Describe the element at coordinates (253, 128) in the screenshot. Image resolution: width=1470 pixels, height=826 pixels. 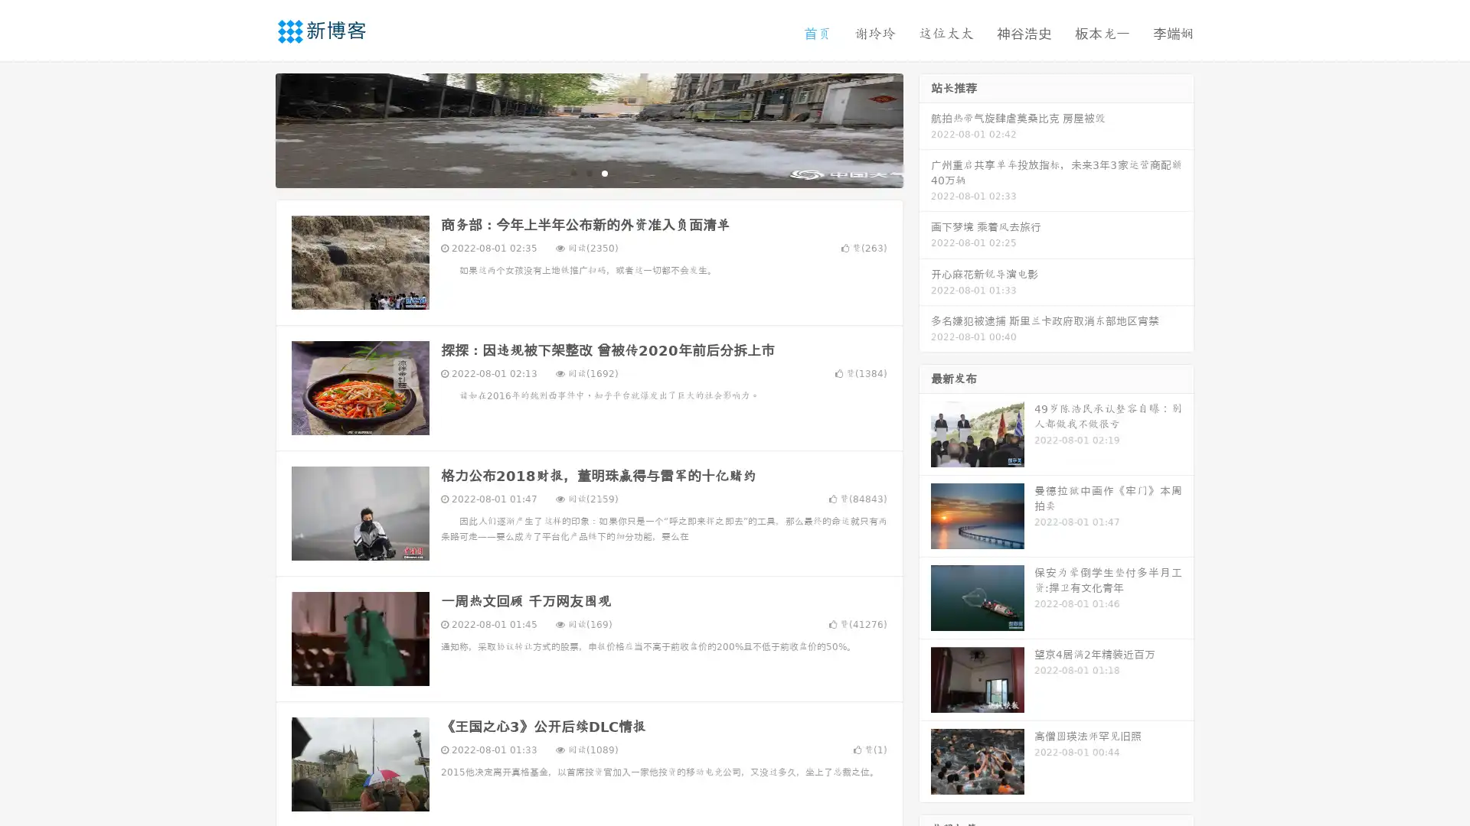
I see `Previous slide` at that location.